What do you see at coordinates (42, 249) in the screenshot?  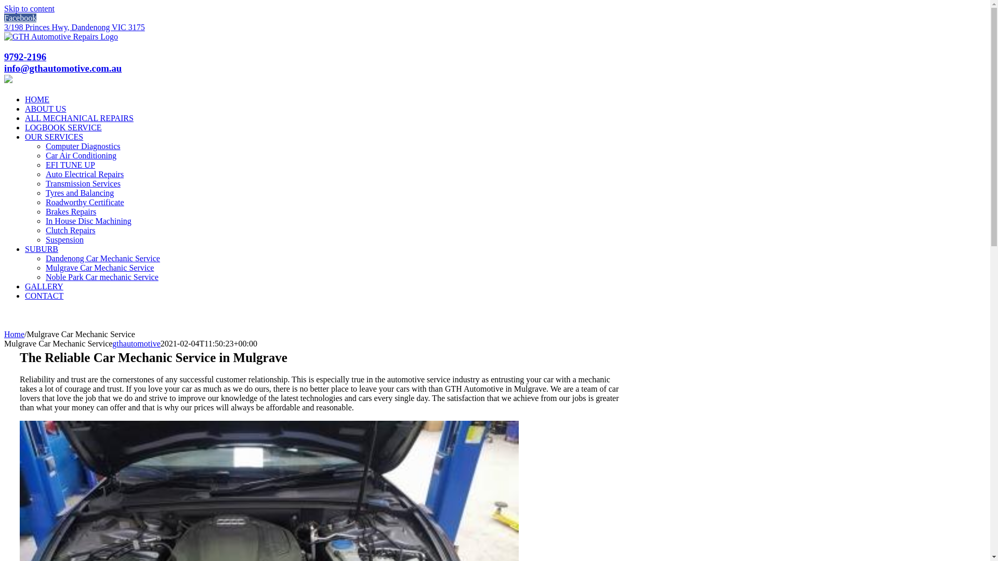 I see `'SUBURB'` at bounding box center [42, 249].